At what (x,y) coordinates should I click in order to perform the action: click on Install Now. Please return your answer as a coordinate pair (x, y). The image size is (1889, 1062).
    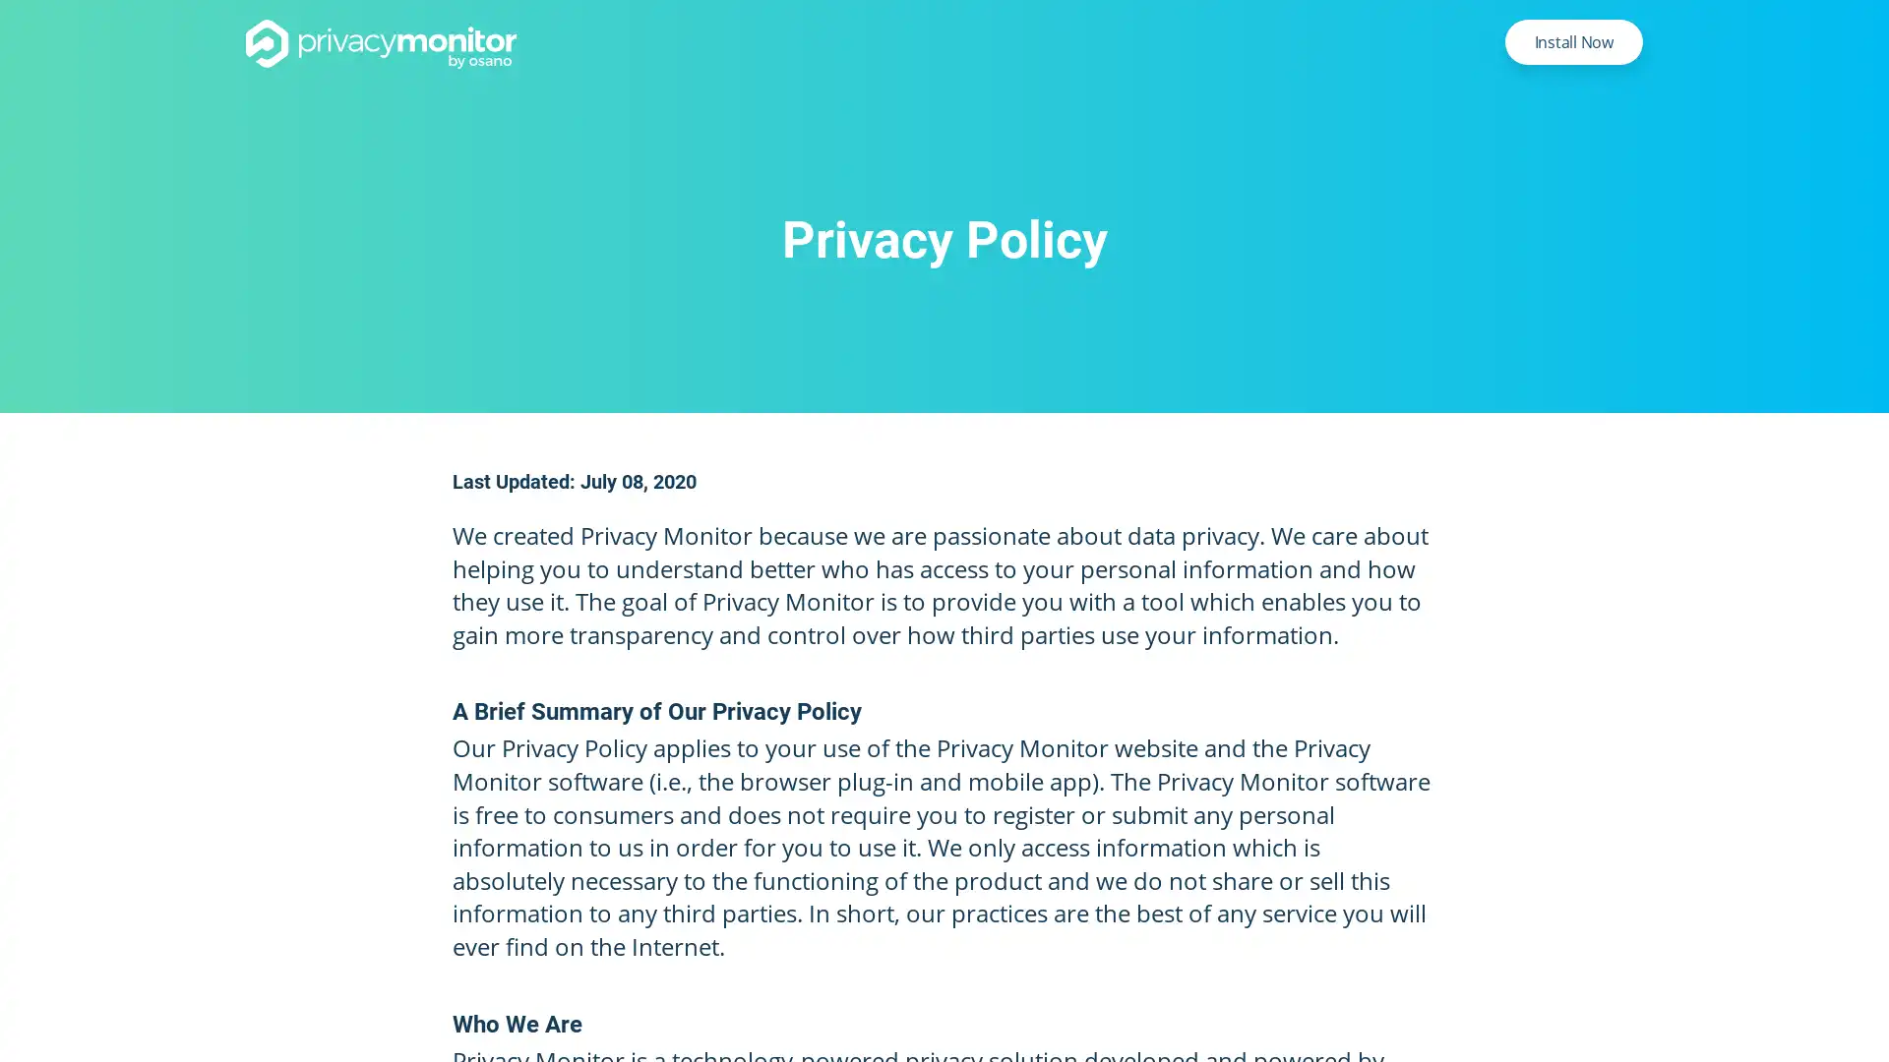
    Looking at the image, I should click on (1572, 41).